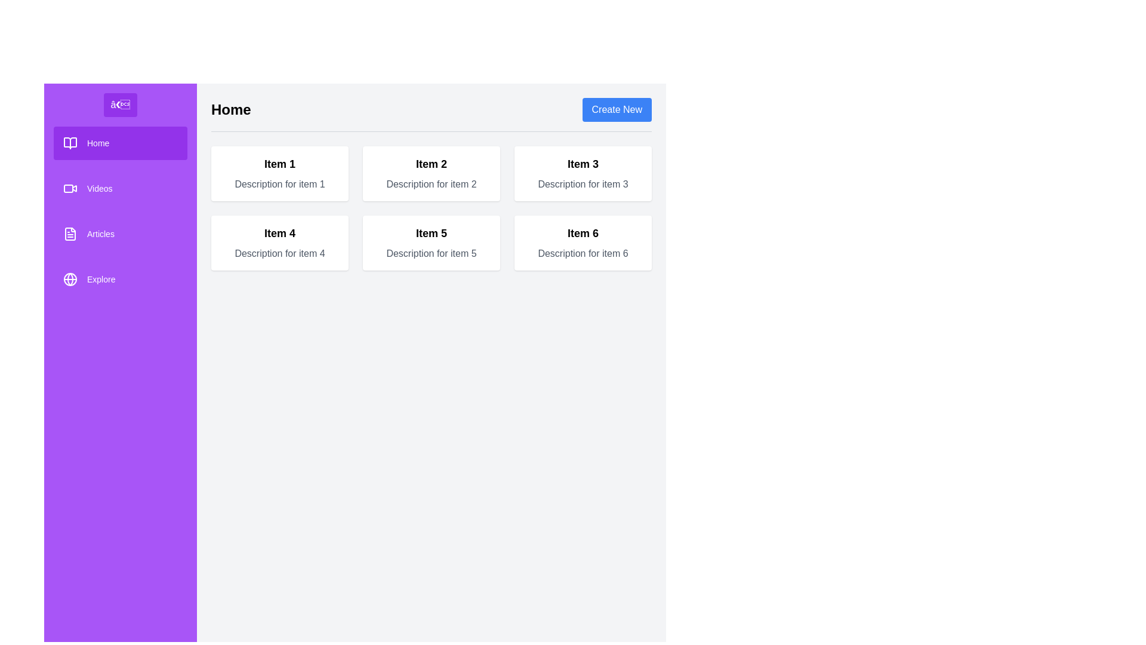  Describe the element at coordinates (70, 188) in the screenshot. I see `the camera icon on the purple background in the sidebar navigation menu` at that location.